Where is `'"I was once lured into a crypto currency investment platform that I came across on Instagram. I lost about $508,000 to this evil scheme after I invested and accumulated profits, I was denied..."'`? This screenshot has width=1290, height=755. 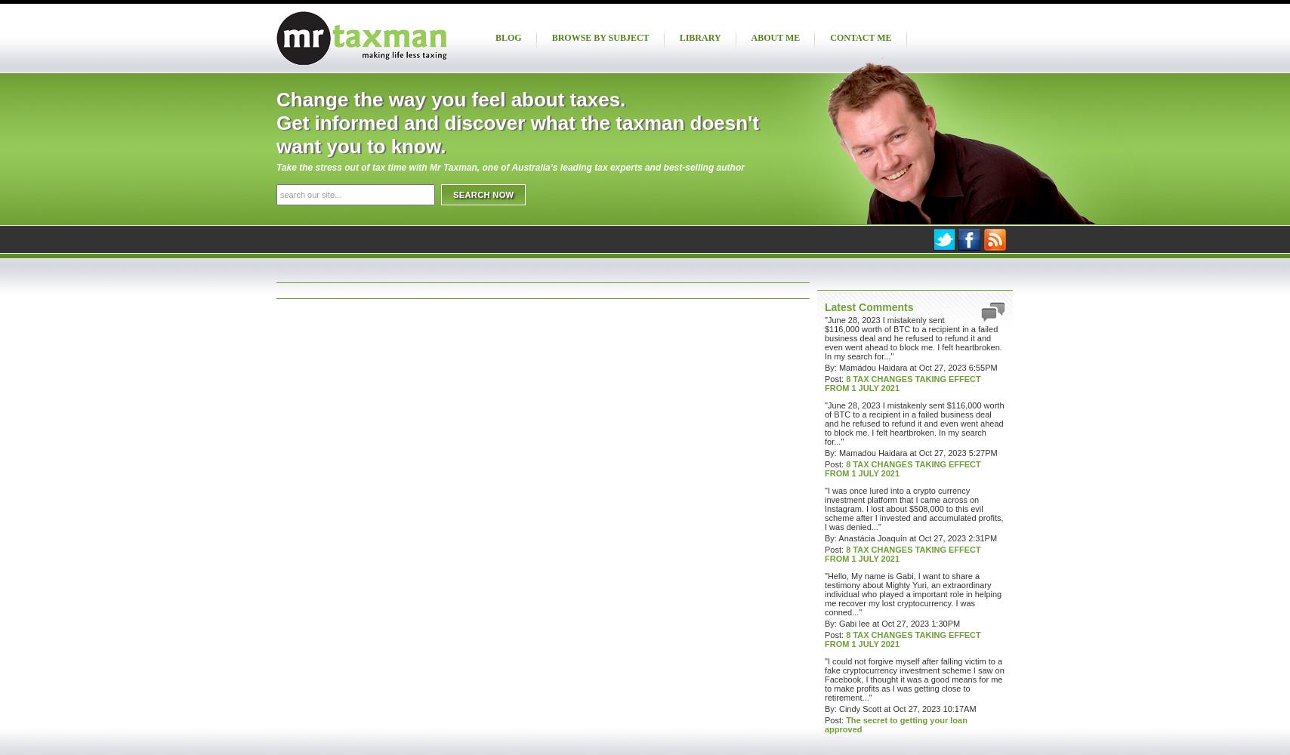 '"I was once lured into a crypto currency investment platform that I came across on Instagram. I lost about $508,000 to this evil scheme after I invested and accumulated profits, I was denied..."' is located at coordinates (913, 509).